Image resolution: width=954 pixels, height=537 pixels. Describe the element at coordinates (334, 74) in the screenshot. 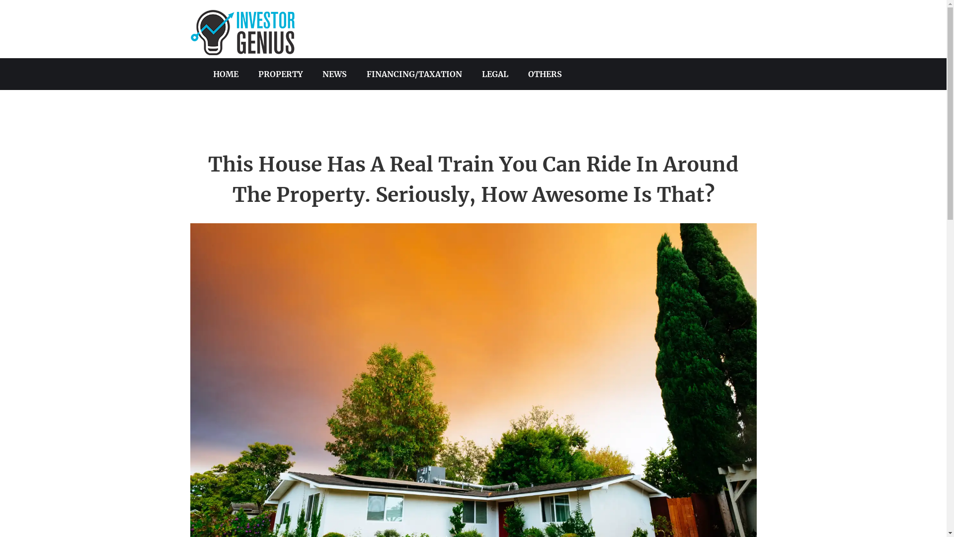

I see `'NEWS'` at that location.